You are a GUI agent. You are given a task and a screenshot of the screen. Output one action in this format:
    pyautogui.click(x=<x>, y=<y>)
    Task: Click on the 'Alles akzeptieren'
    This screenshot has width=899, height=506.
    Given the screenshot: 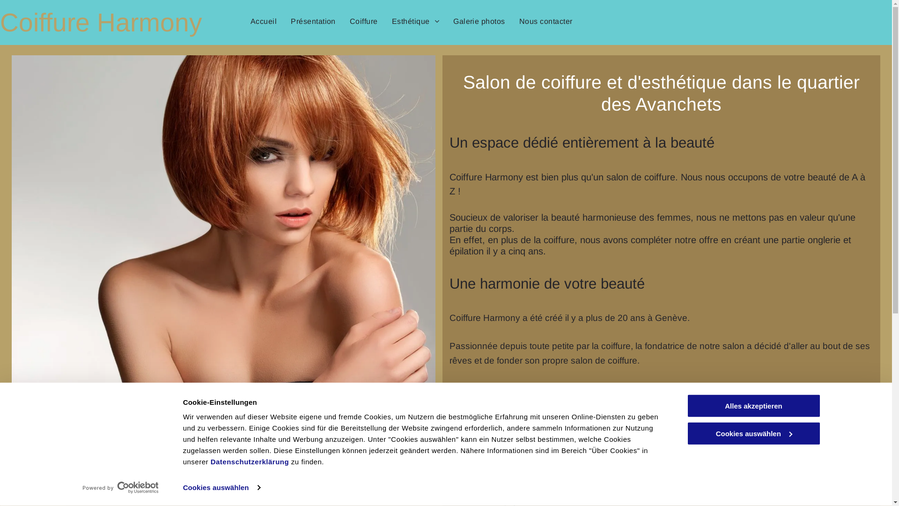 What is the action you would take?
    pyautogui.click(x=753, y=405)
    